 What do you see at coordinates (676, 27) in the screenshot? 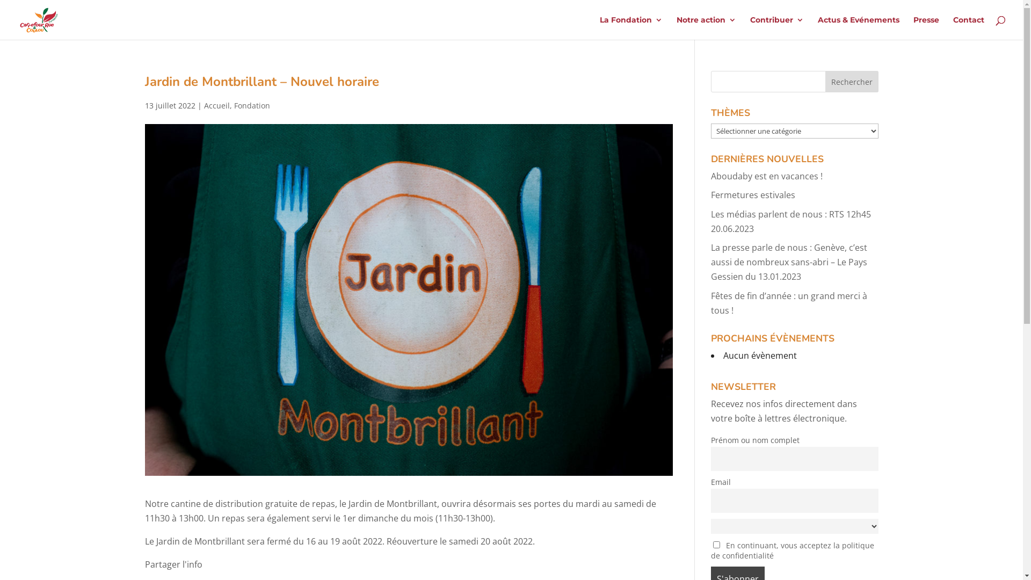
I see `'Notre action'` at bounding box center [676, 27].